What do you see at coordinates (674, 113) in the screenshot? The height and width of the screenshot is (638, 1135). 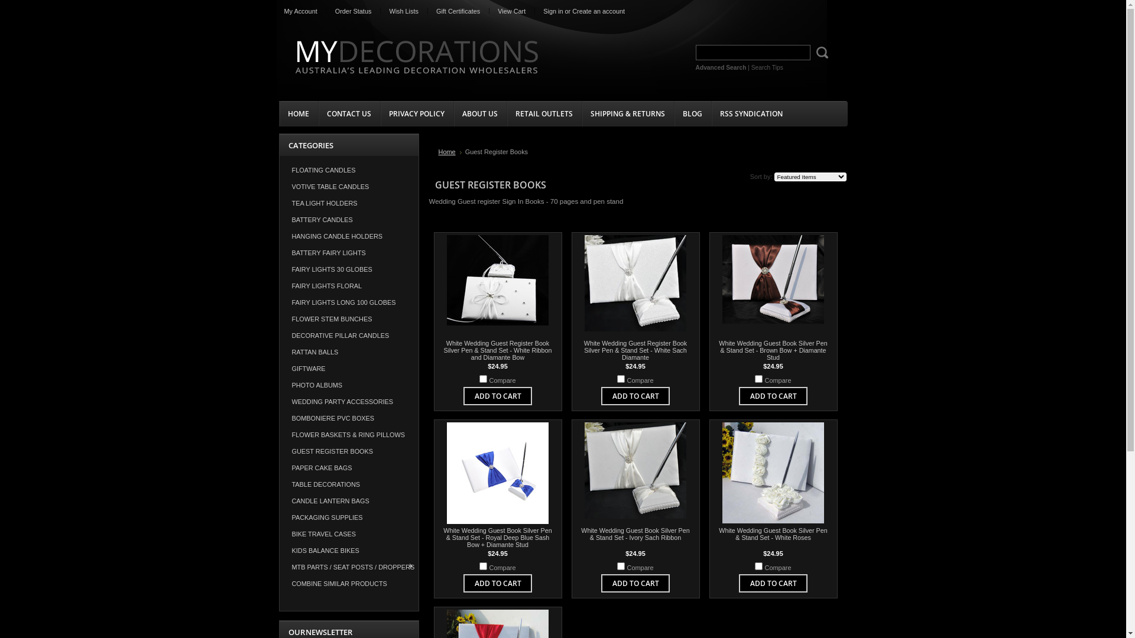 I see `'BLOG'` at bounding box center [674, 113].